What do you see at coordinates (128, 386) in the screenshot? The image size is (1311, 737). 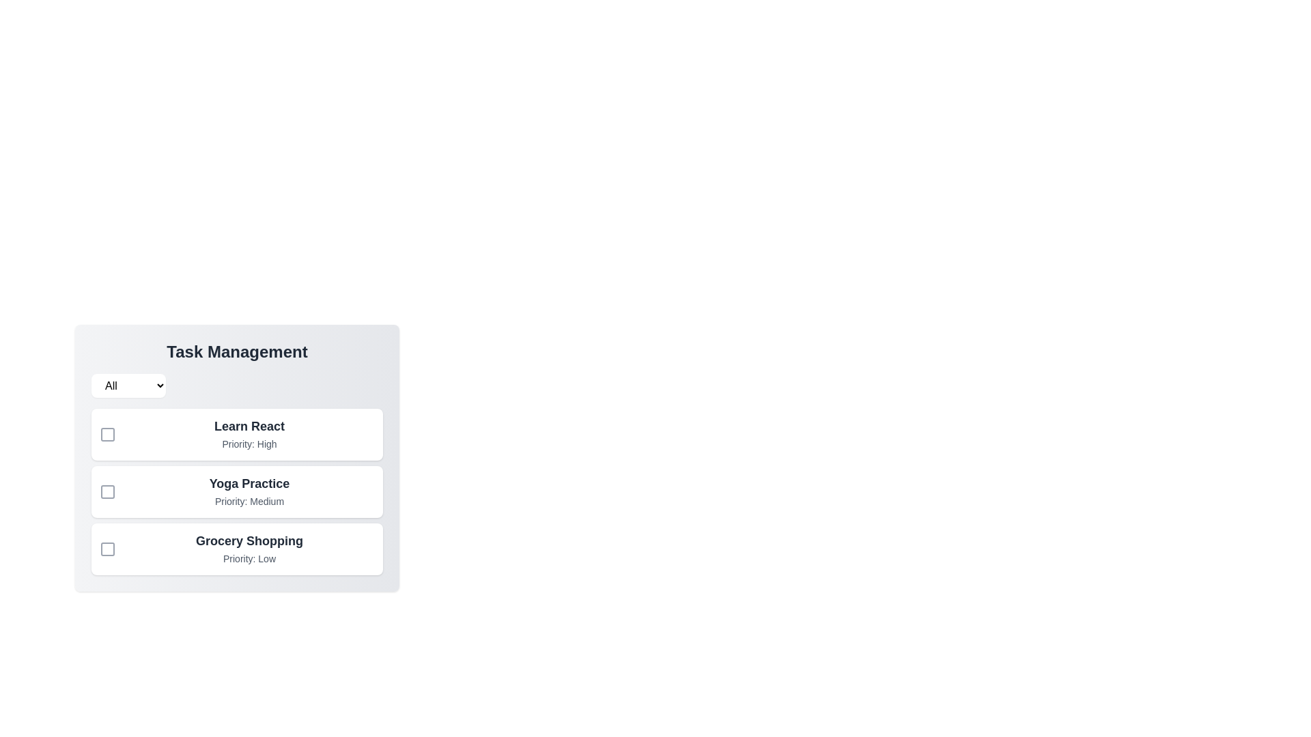 I see `the priority filter to Medium from the dropdown menu` at bounding box center [128, 386].